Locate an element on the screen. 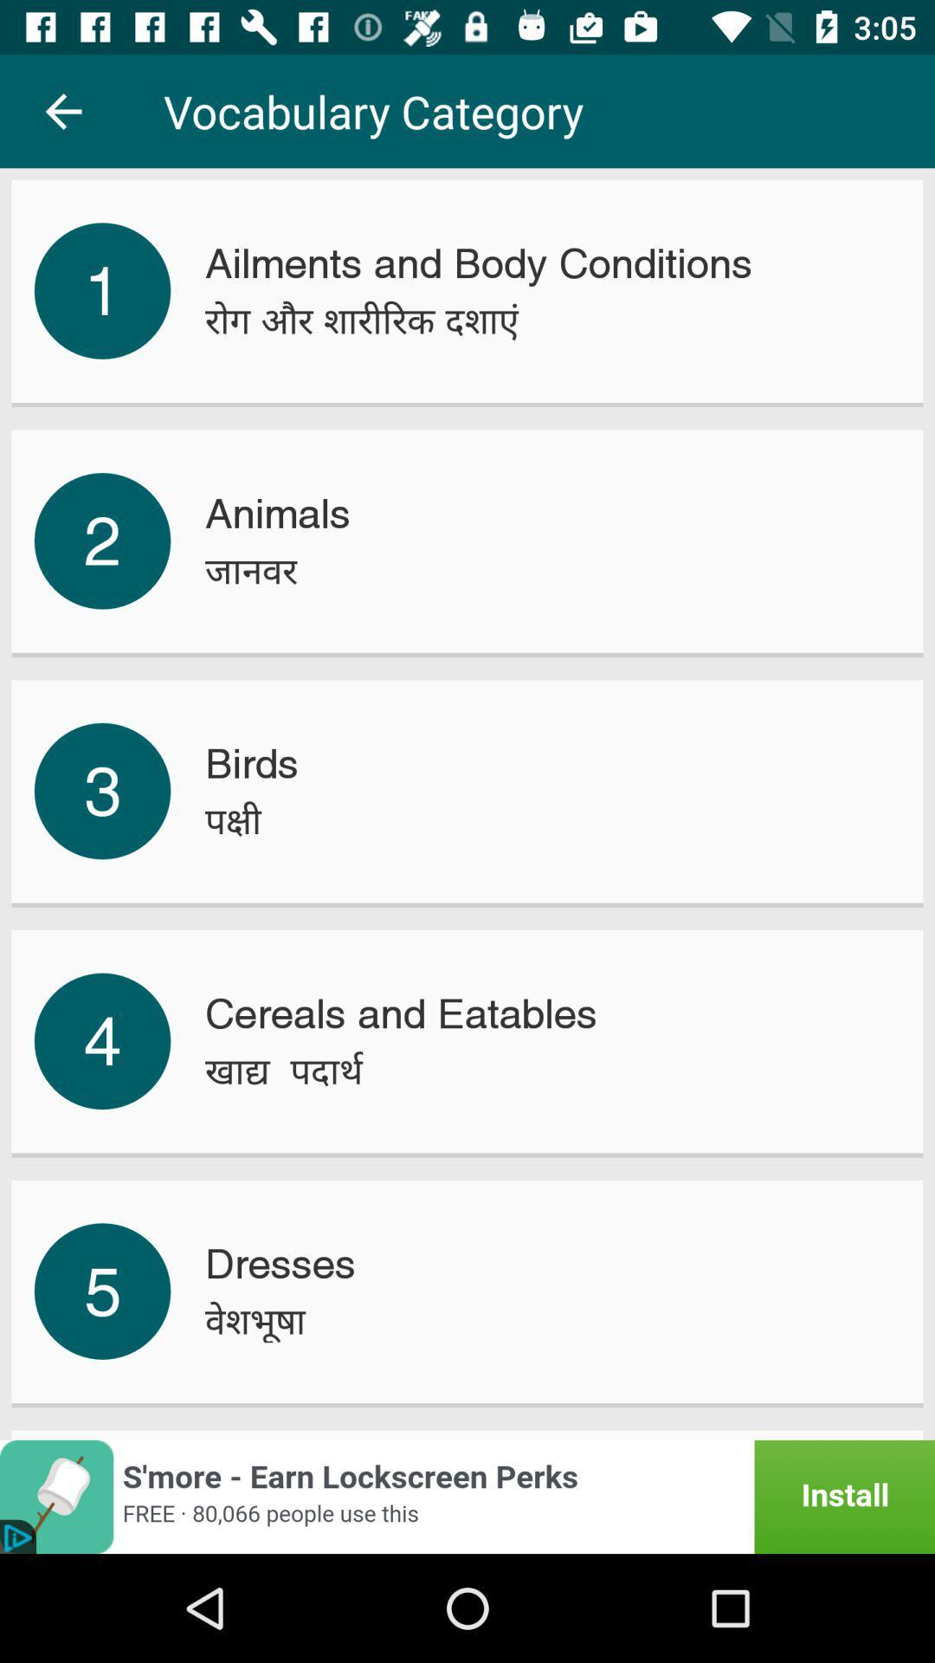 This screenshot has width=935, height=1663. the icon next to the dresses item is located at coordinates (102, 1291).